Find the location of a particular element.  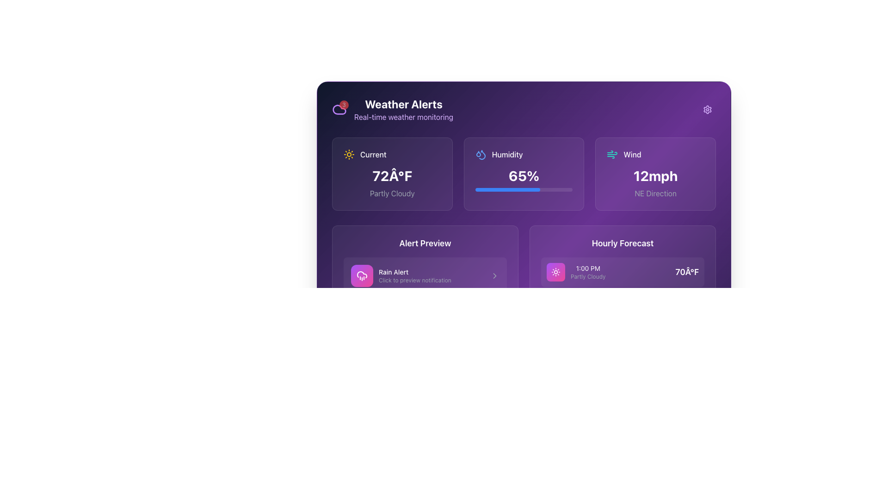

the first Informational card in the 'Hourly Forecast' section, which displays the time, weather condition, and temperature is located at coordinates (623, 327).